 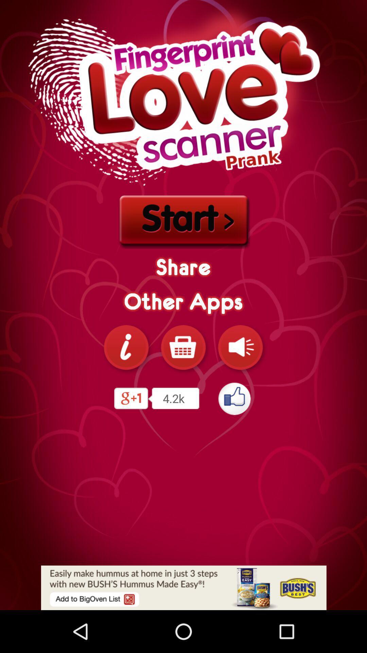 What do you see at coordinates (183, 347) in the screenshot?
I see `share the apps` at bounding box center [183, 347].